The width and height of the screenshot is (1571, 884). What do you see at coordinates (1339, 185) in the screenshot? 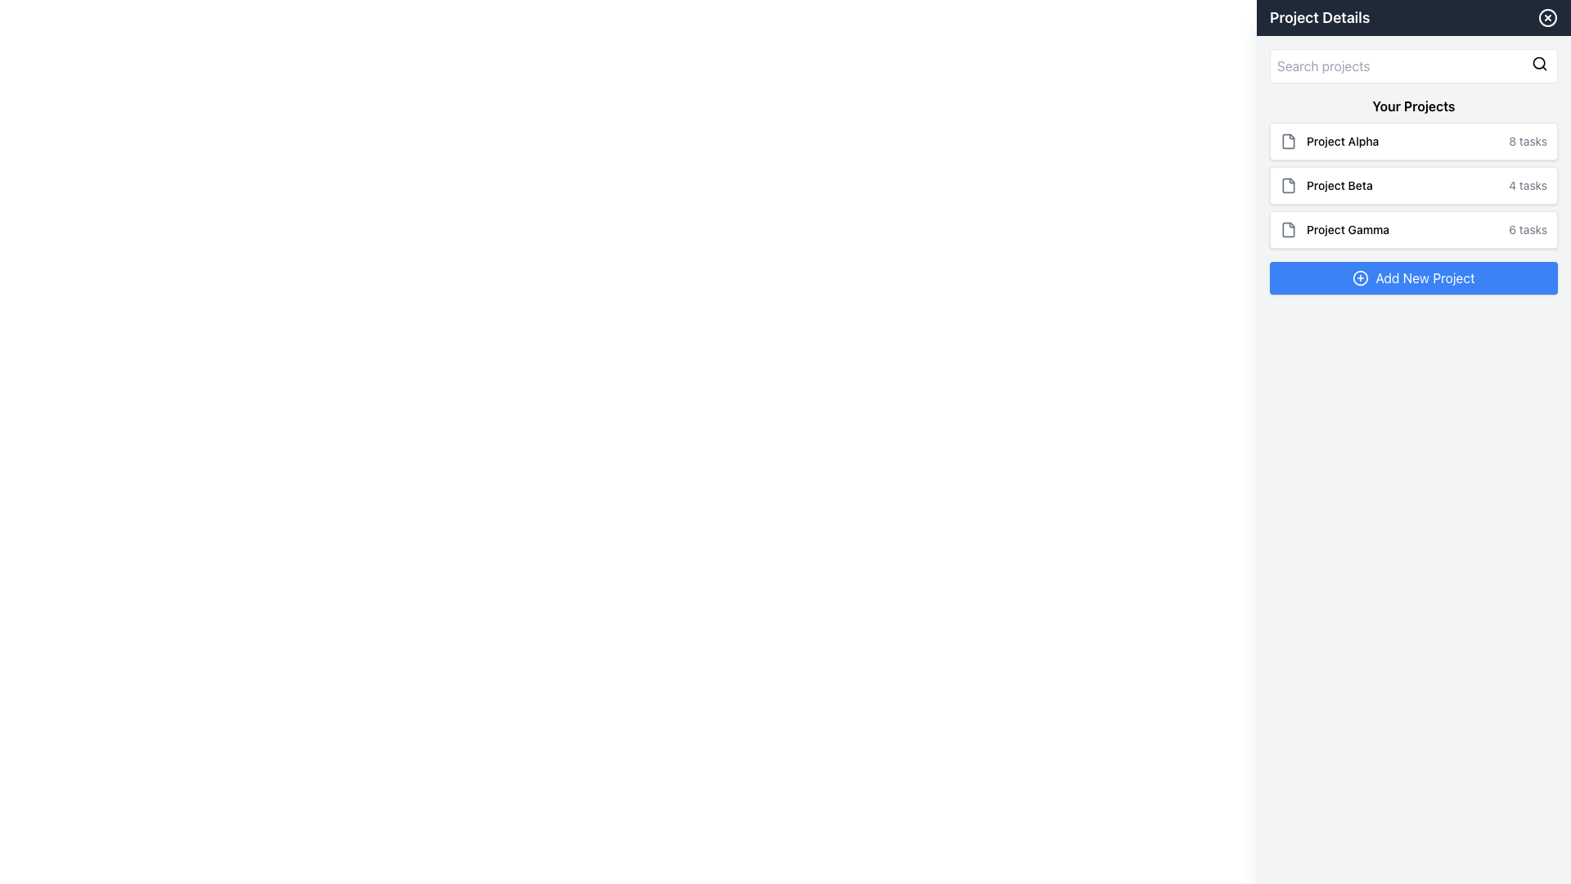
I see `the text label displaying 'Project Beta', which is the second item in the project list under 'Your Projects'` at bounding box center [1339, 185].